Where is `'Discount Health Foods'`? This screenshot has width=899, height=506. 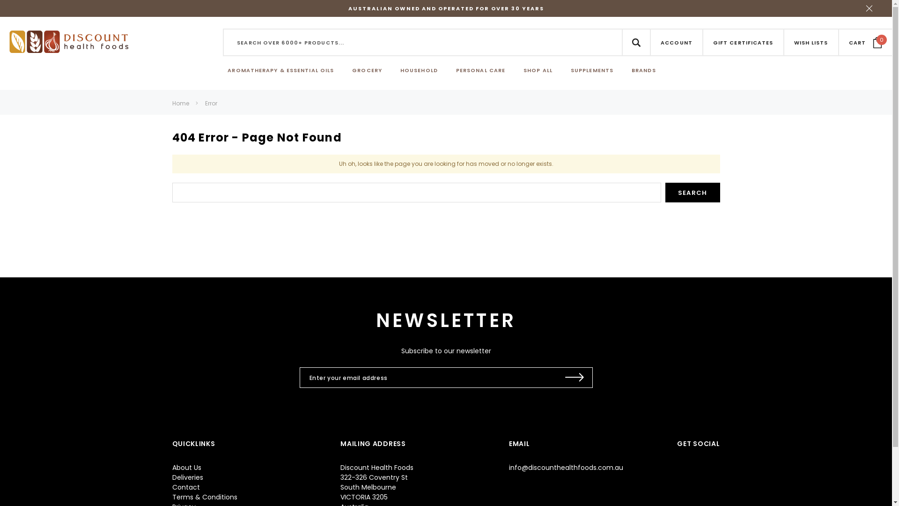
'Discount Health Foods' is located at coordinates (68, 41).